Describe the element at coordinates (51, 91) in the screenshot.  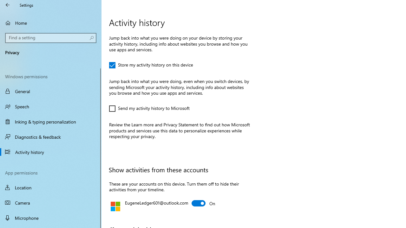
I see `'General'` at that location.